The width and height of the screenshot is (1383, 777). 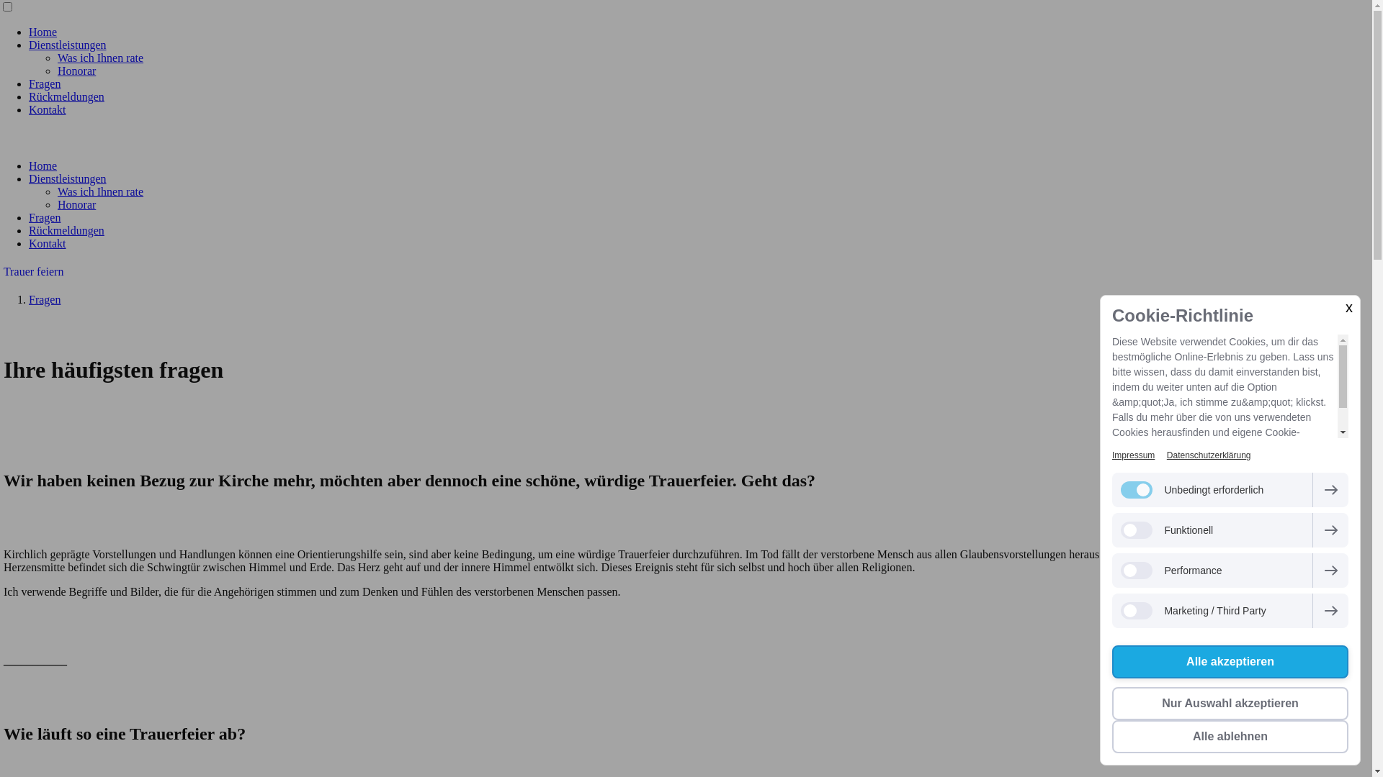 What do you see at coordinates (99, 191) in the screenshot?
I see `'Was ich Ihnen rate'` at bounding box center [99, 191].